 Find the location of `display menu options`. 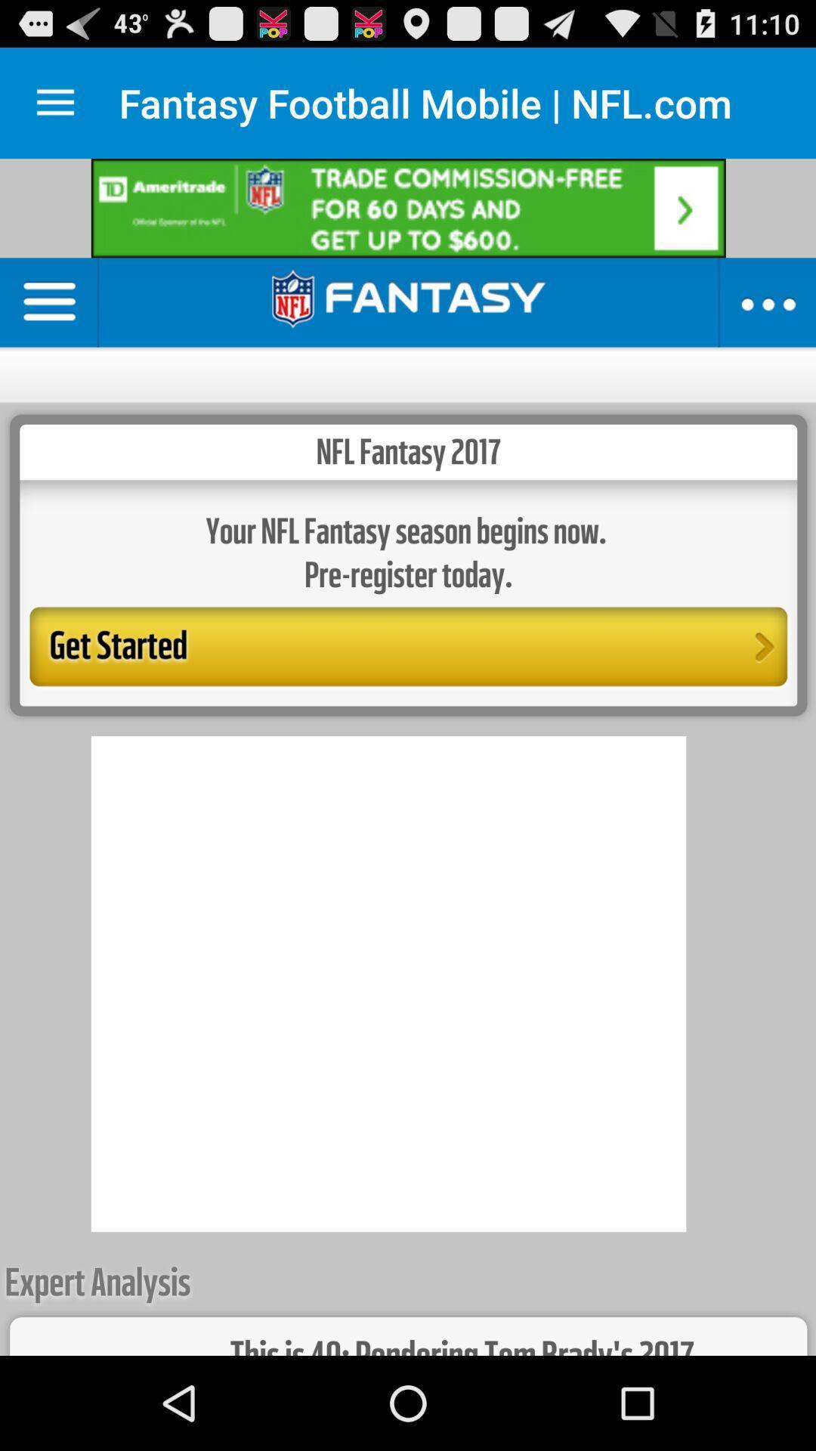

display menu options is located at coordinates (54, 102).